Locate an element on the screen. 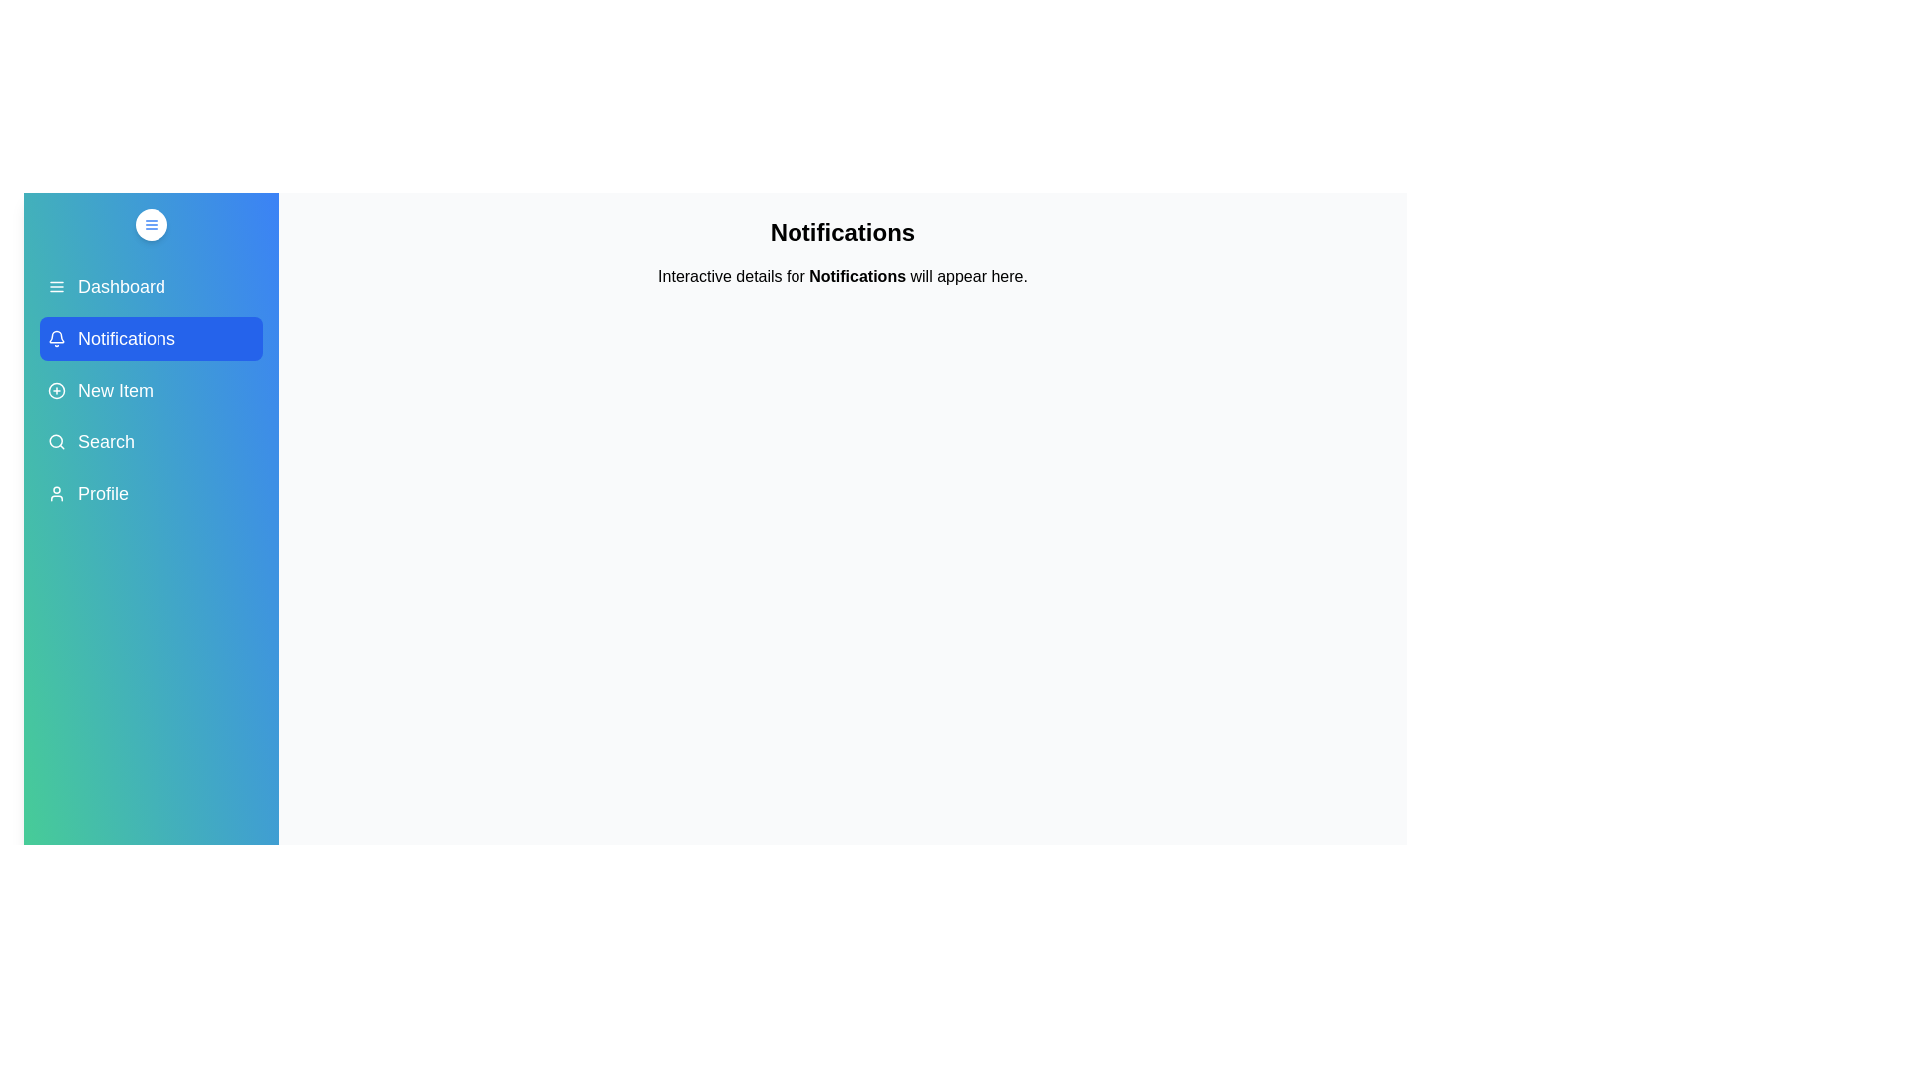  the menu item Dashboard in the sidebar to display its details is located at coordinates (151, 287).